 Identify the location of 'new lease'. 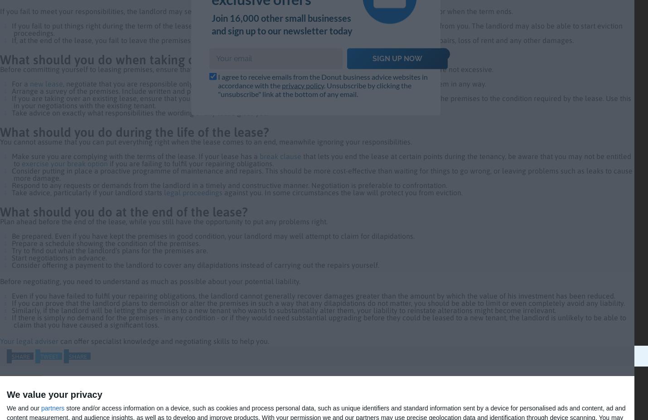
(29, 84).